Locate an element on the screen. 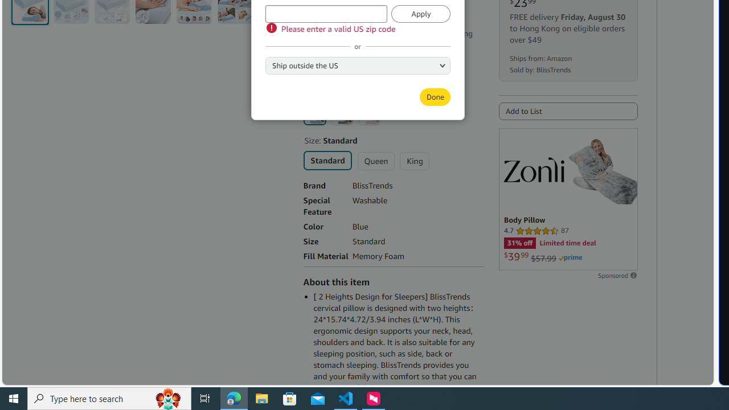 Image resolution: width=729 pixels, height=410 pixels. 'Pink' is located at coordinates (369, 114).